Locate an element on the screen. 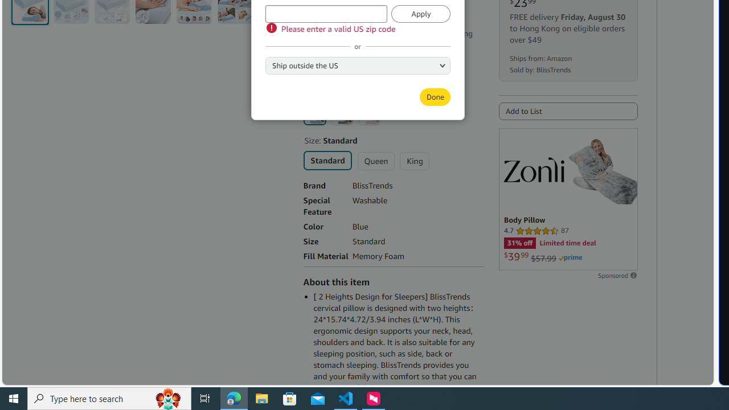 Image resolution: width=729 pixels, height=410 pixels. 'Pink' is located at coordinates (369, 114).